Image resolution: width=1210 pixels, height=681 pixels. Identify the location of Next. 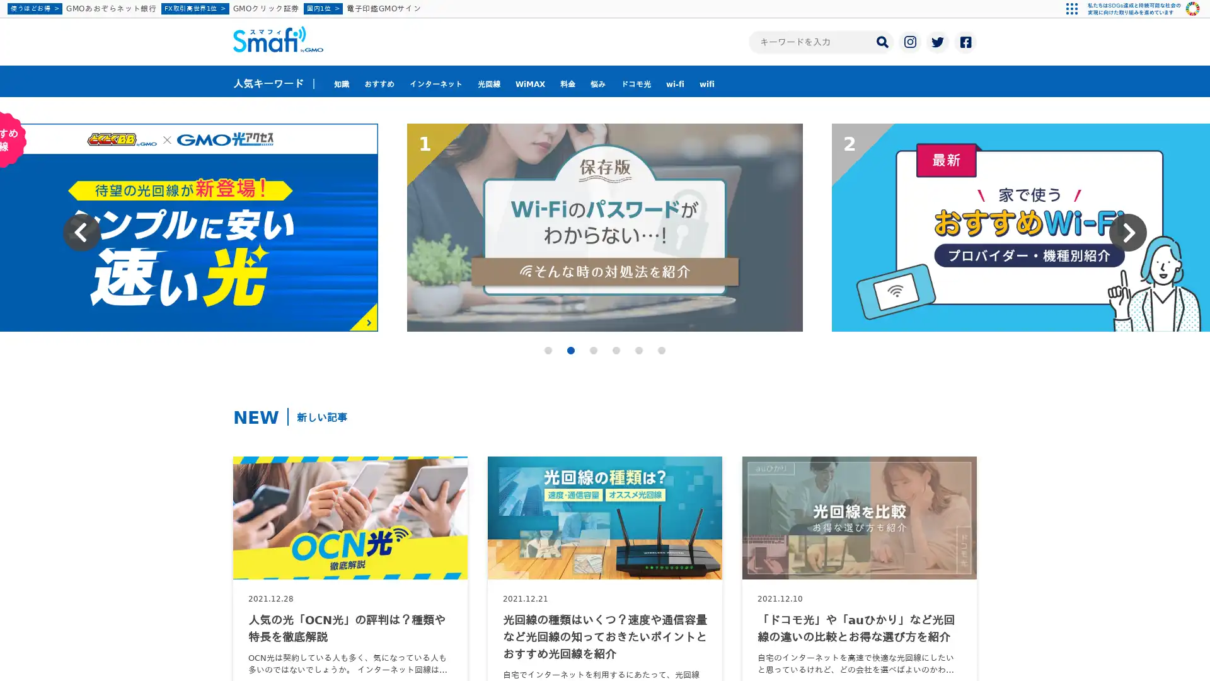
(1128, 233).